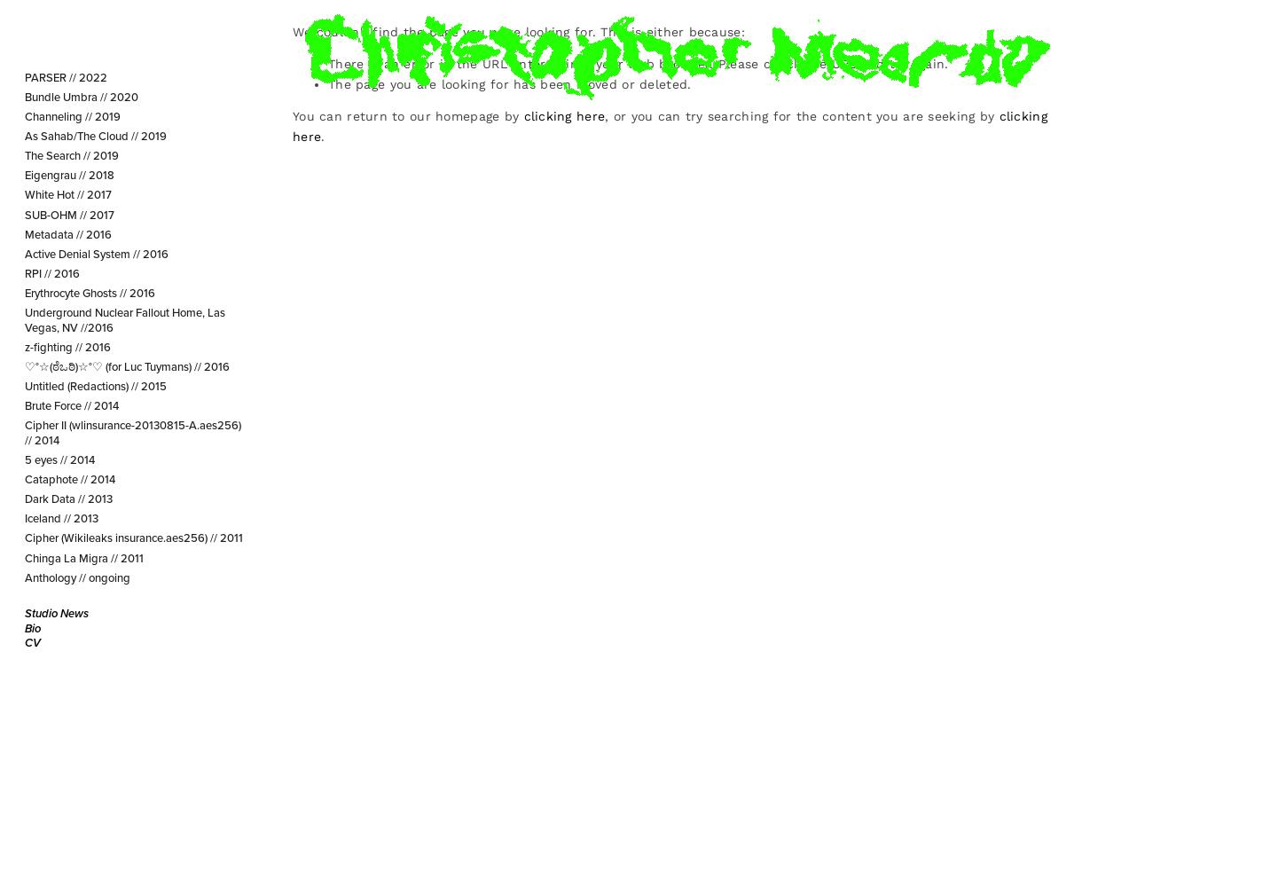 The height and width of the screenshot is (887, 1286). I want to click on 'Studio News', so click(55, 611).